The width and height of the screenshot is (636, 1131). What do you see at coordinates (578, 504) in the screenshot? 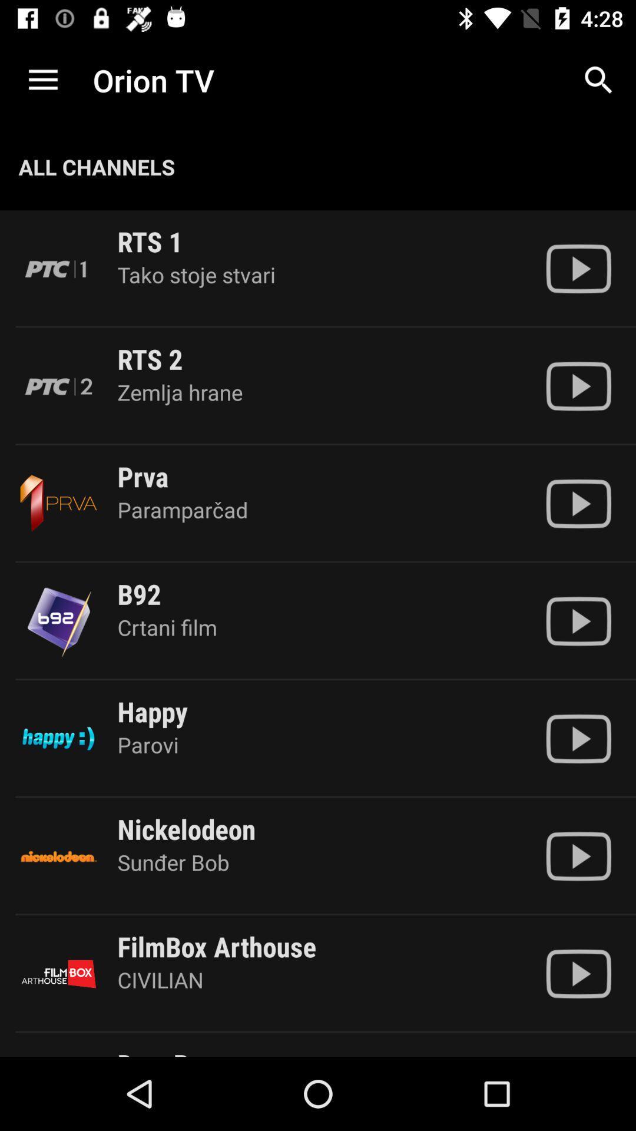
I see `the prva channel` at bounding box center [578, 504].